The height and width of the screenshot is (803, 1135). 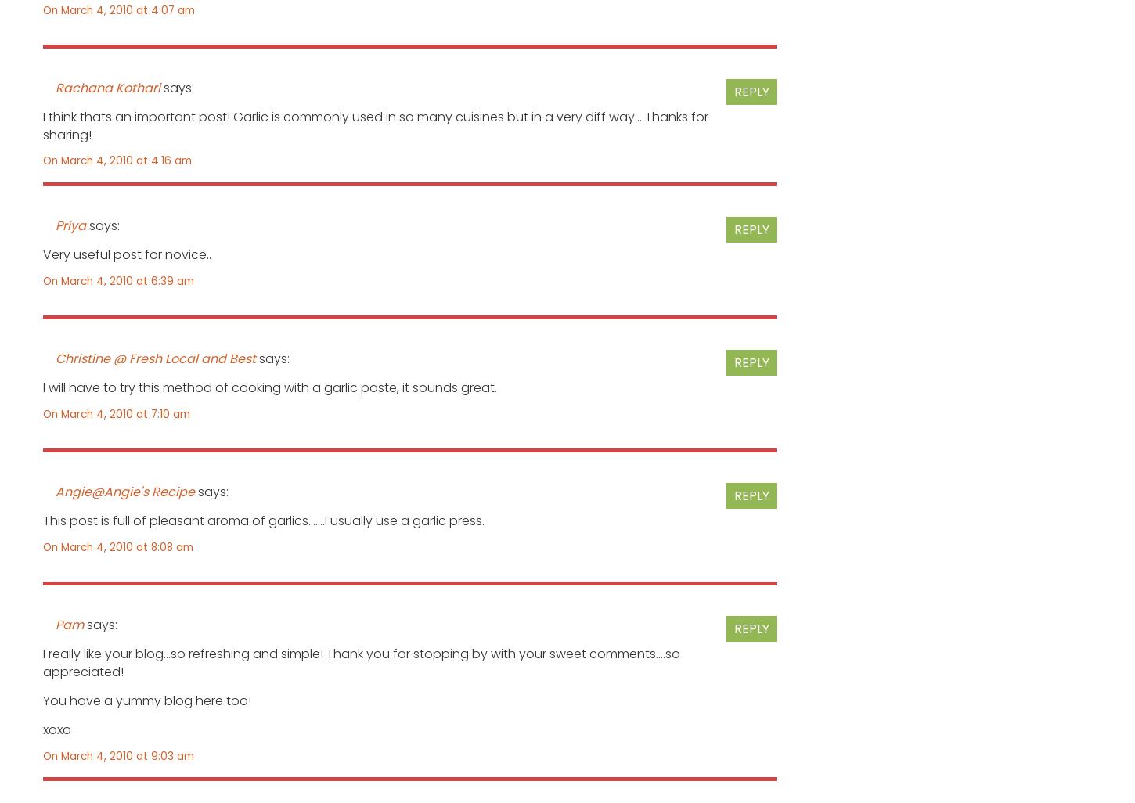 What do you see at coordinates (146, 700) in the screenshot?
I see `'You have a yummy blog here too!'` at bounding box center [146, 700].